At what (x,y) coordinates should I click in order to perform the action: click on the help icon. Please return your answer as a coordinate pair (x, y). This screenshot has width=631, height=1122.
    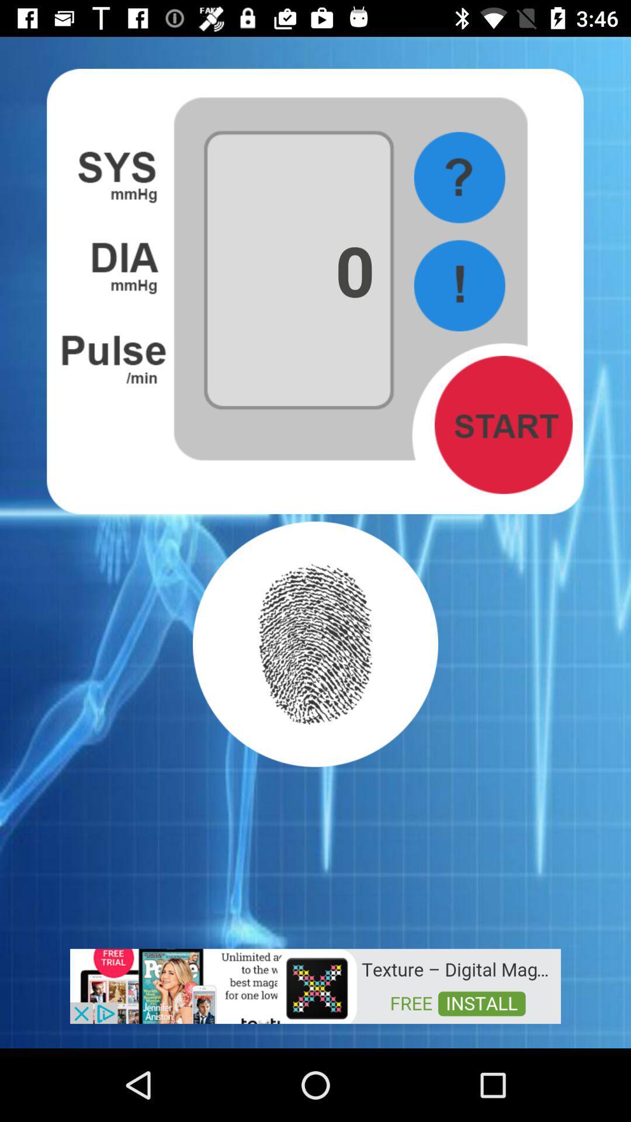
    Looking at the image, I should click on (459, 177).